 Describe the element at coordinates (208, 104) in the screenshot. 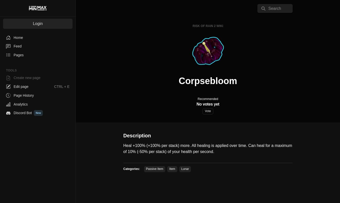

I see `'No votes yet'` at that location.